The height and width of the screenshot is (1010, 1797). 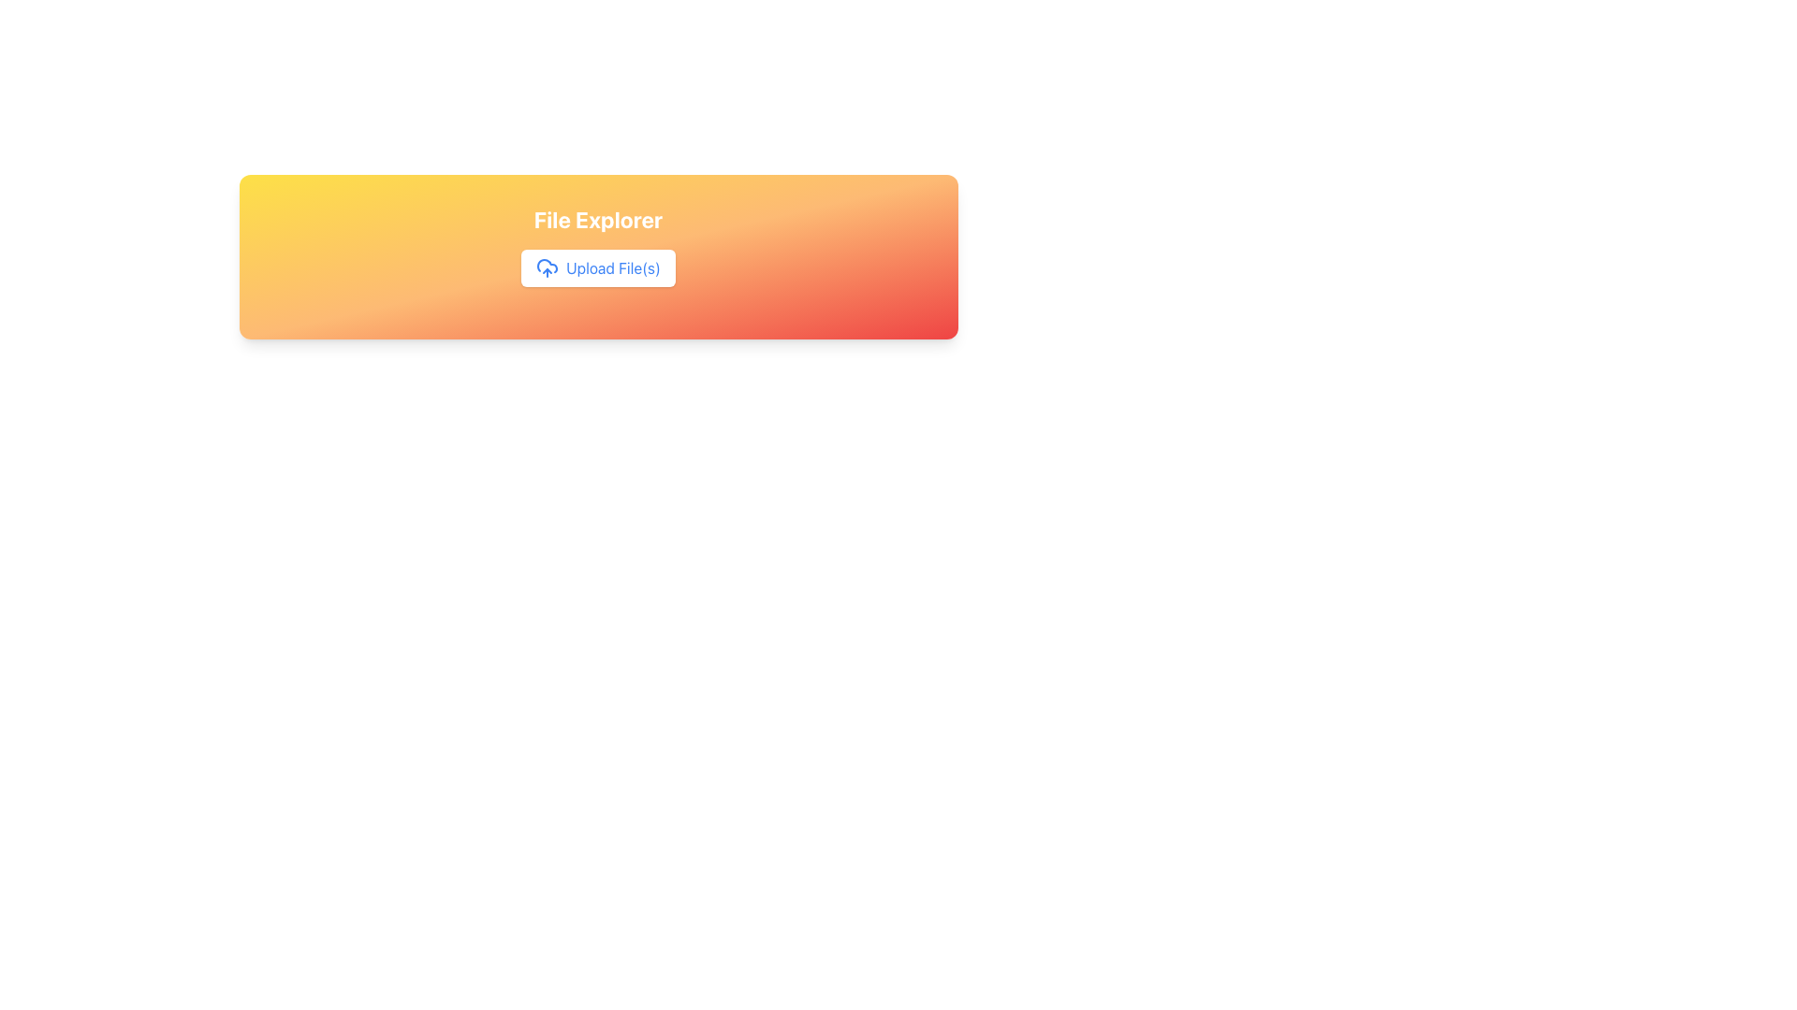 I want to click on the 'Upload File(s)' button located within the 'File Explorer' panel to initiate file selection, so click(x=597, y=256).